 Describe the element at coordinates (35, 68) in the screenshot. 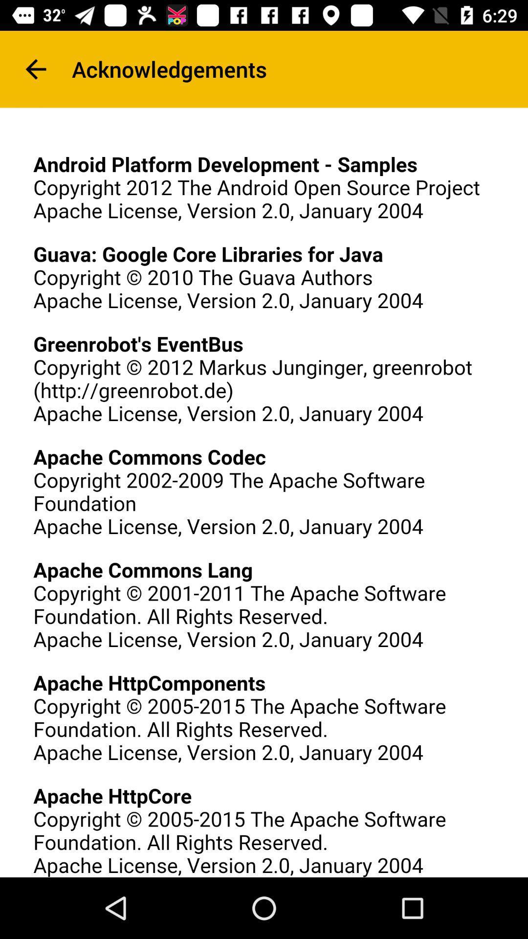

I see `icon at the top left corner` at that location.